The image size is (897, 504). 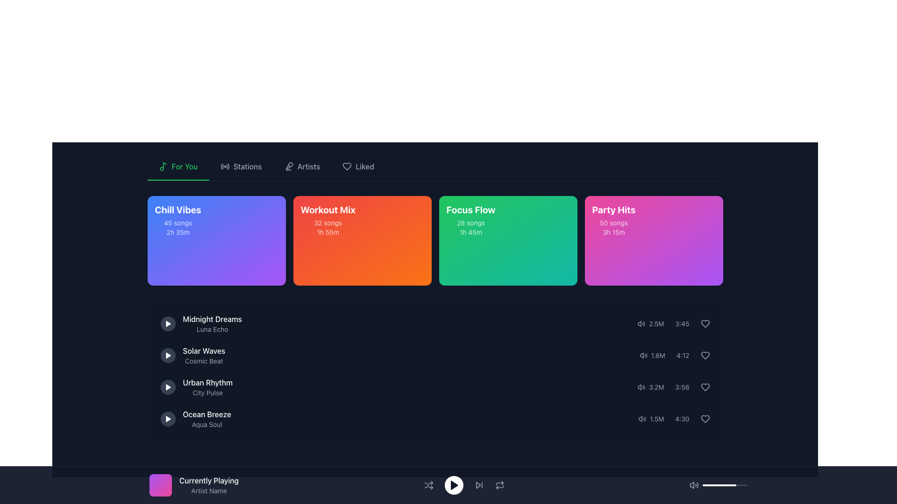 What do you see at coordinates (708, 485) in the screenshot?
I see `the slider` at bounding box center [708, 485].